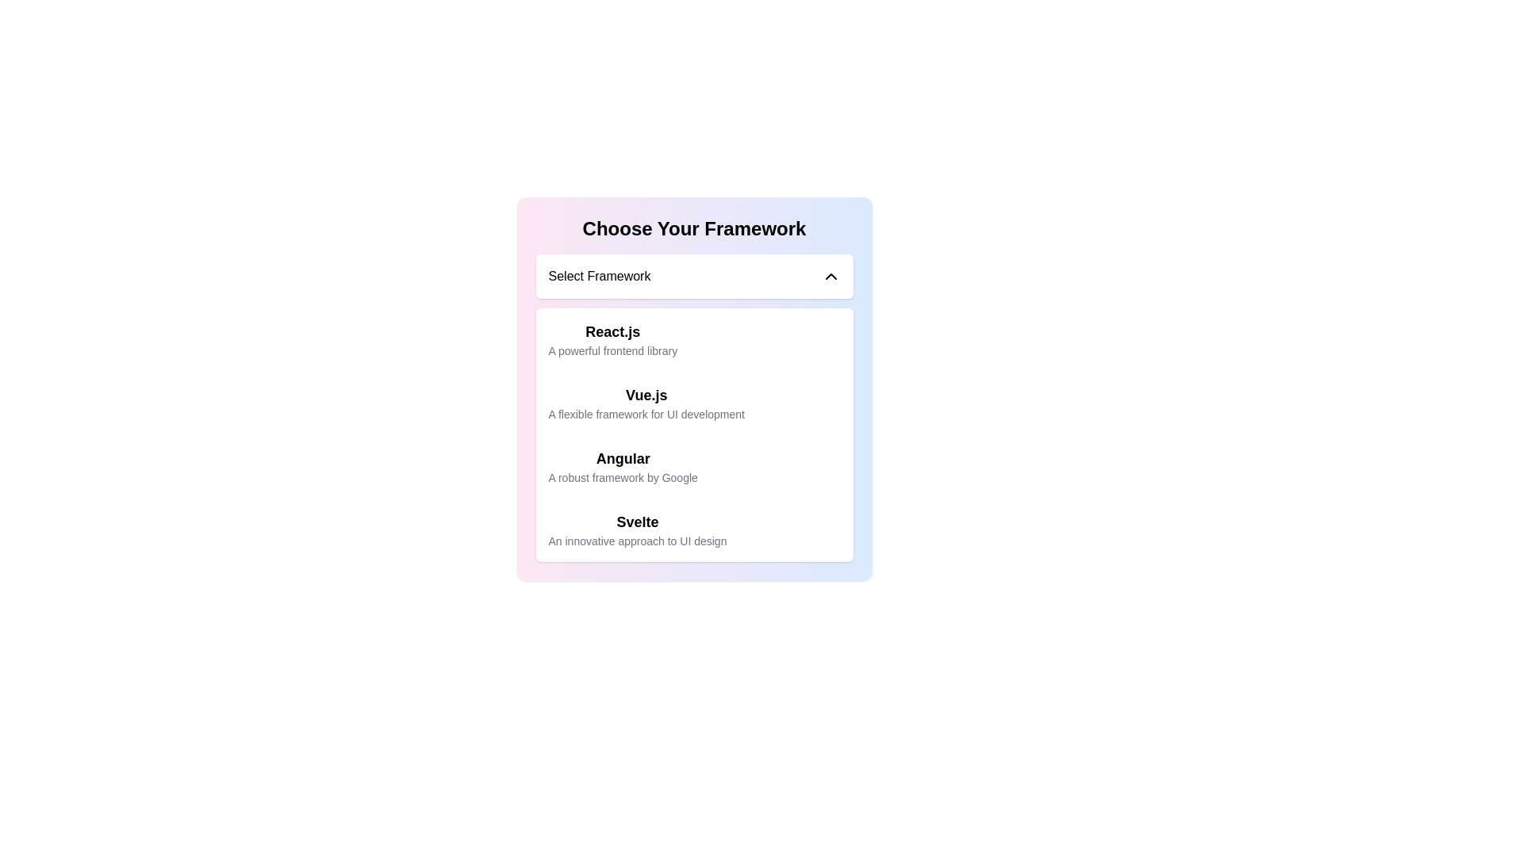 The width and height of the screenshot is (1523, 856). I want to click on the descriptive text label that provides additional information about the 'React.js' item in the list, which is located directly below the bold header 'React.js' in the 'Choose Your Framework' panel, so click(612, 350).